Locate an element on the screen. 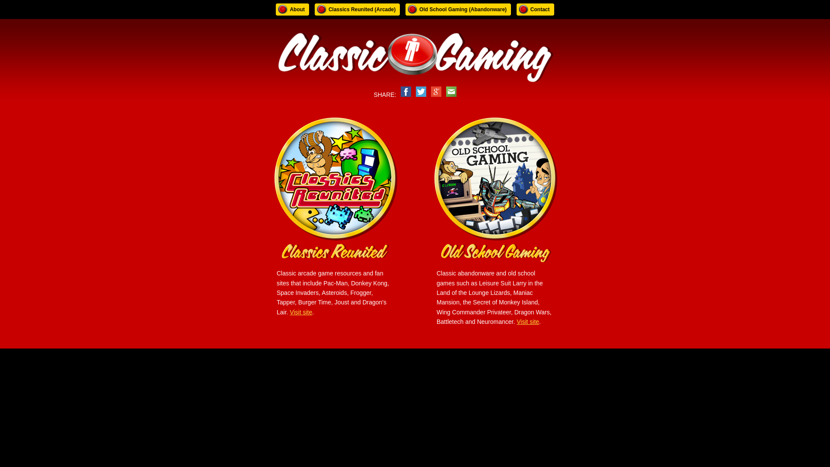 The height and width of the screenshot is (467, 830). 'About' is located at coordinates (292, 10).